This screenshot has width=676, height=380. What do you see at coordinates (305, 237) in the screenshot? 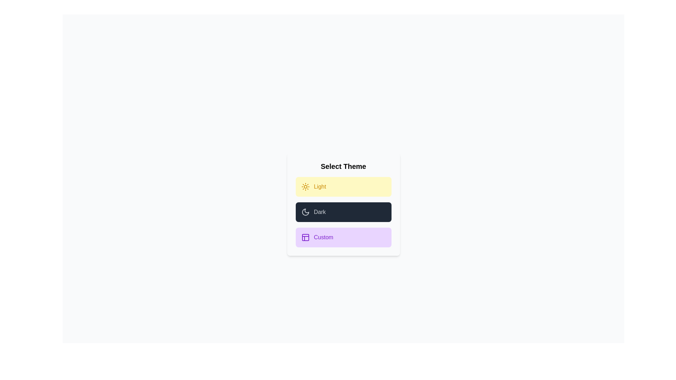
I see `the small square icon with a purple border that represents a panel layout, which is located within the 'Custom' button adjacent to the text 'Custom.'` at bounding box center [305, 237].